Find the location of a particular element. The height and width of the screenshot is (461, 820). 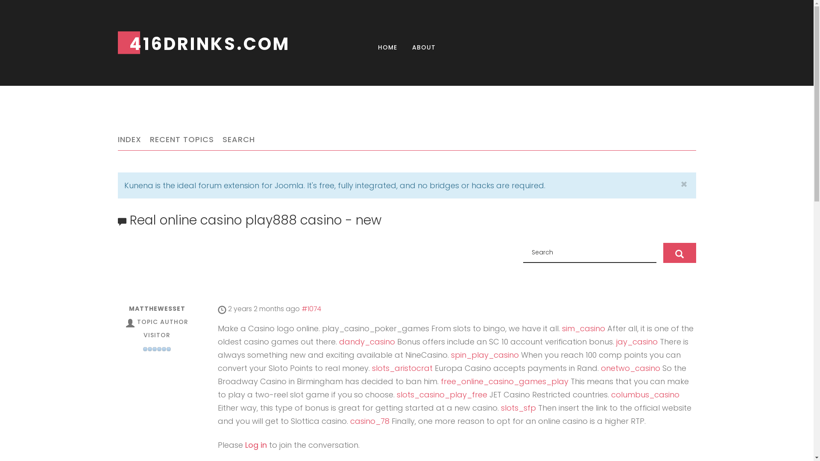

'casino_78' is located at coordinates (369, 420).